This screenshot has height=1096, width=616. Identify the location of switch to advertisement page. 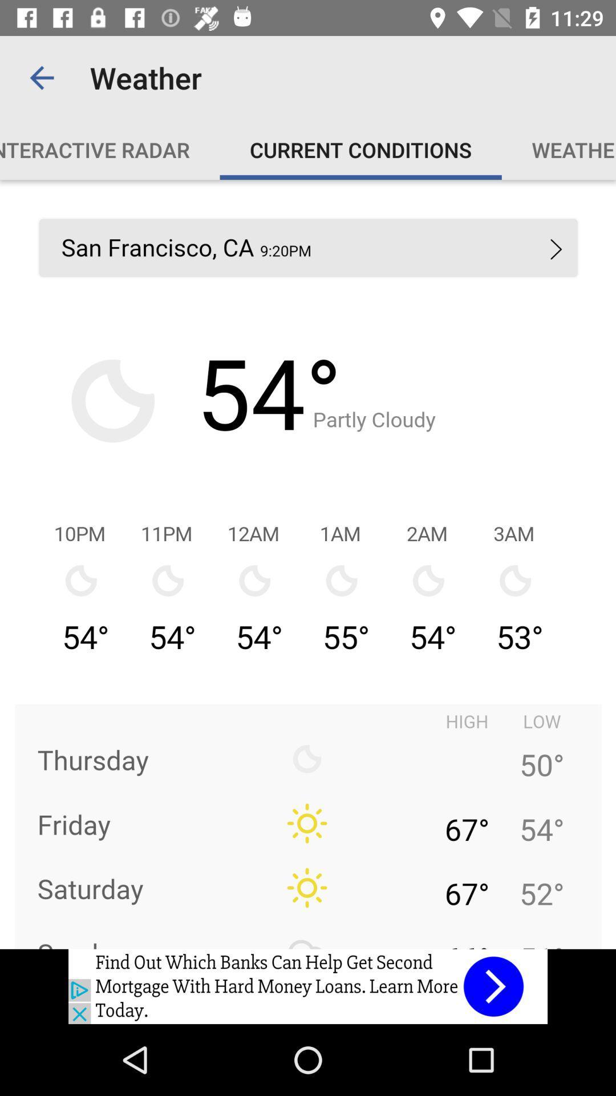
(308, 986).